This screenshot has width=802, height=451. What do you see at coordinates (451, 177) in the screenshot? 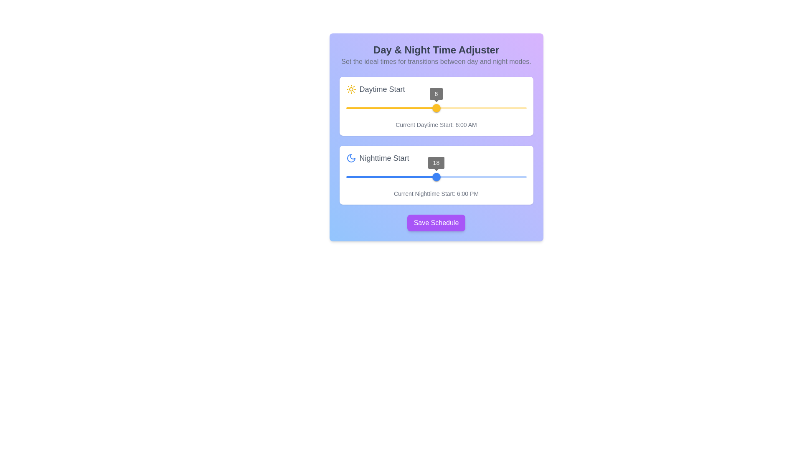
I see `nighttime start hour` at bounding box center [451, 177].